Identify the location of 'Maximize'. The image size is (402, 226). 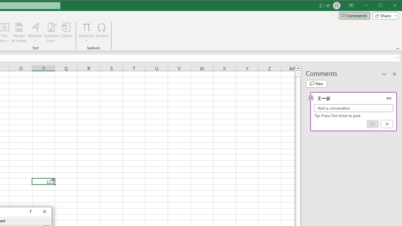
(389, 6).